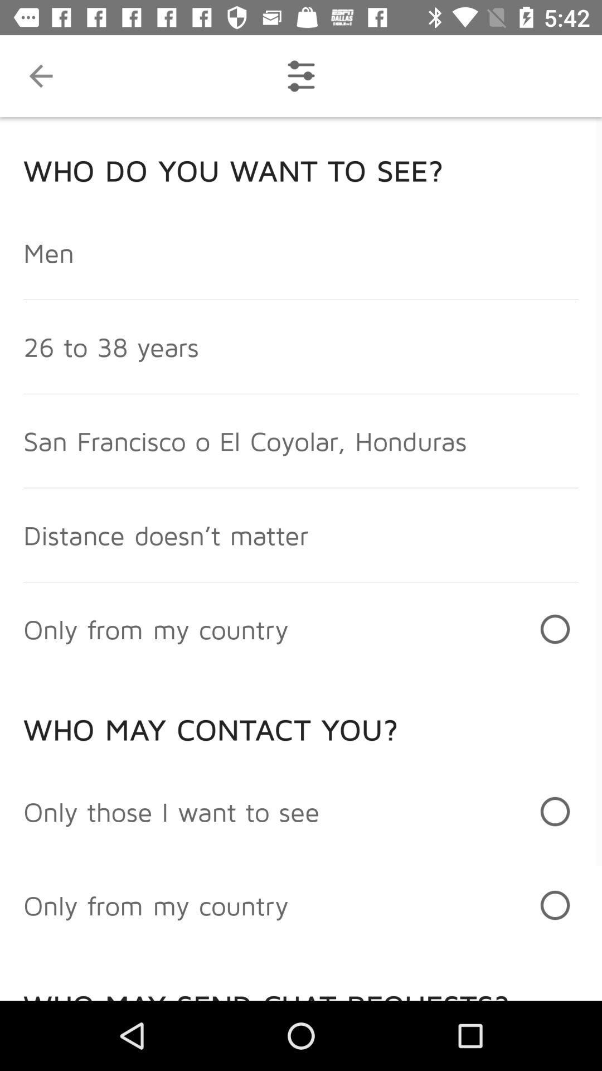 This screenshot has height=1071, width=602. I want to click on the item below who may contact, so click(171, 811).